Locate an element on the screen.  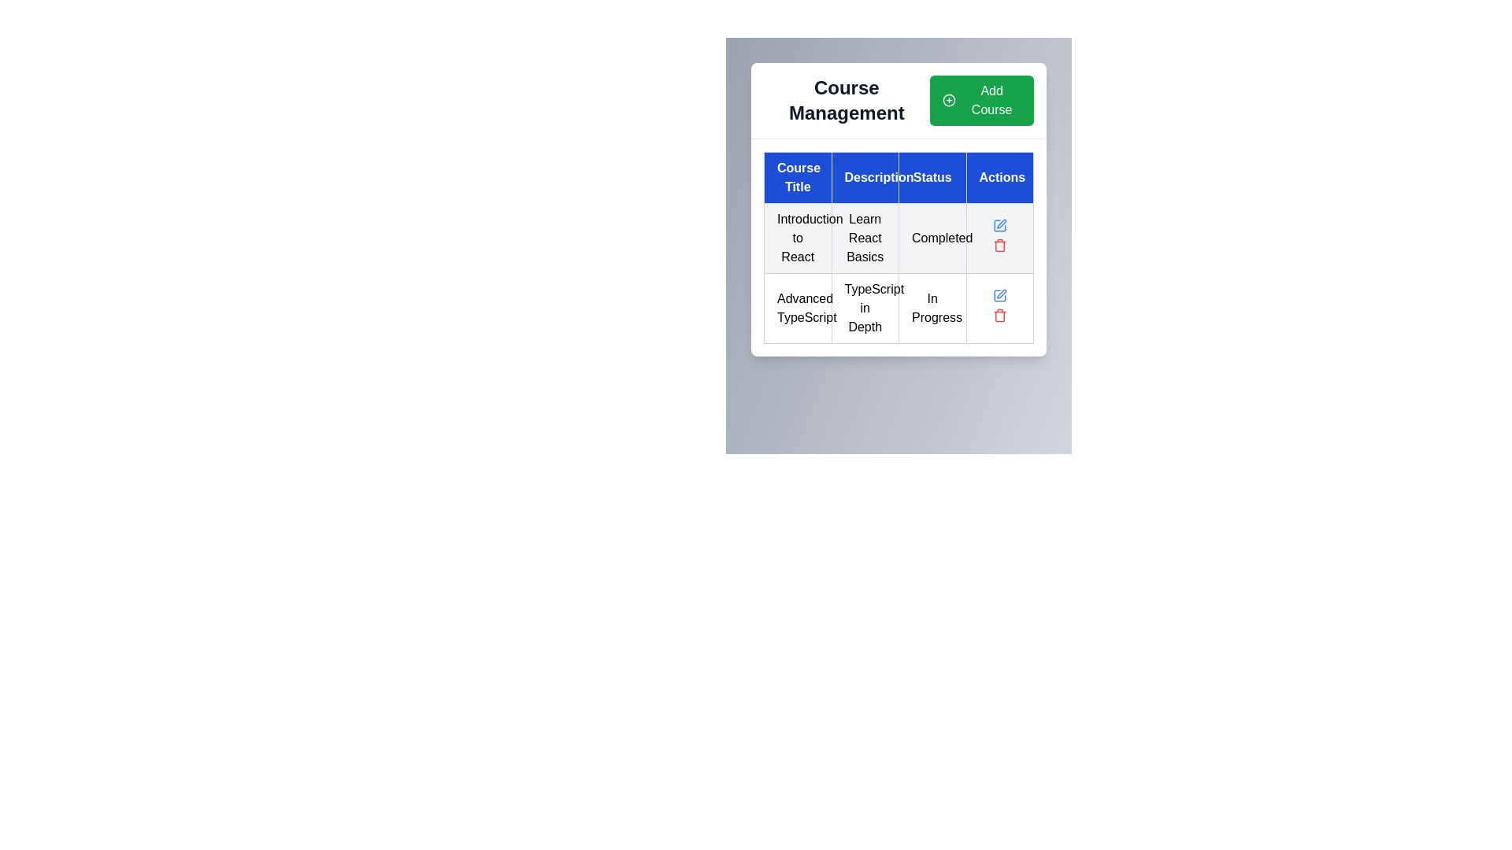
the delete button icon located in the actions column of the second row in the table is located at coordinates (999, 316).